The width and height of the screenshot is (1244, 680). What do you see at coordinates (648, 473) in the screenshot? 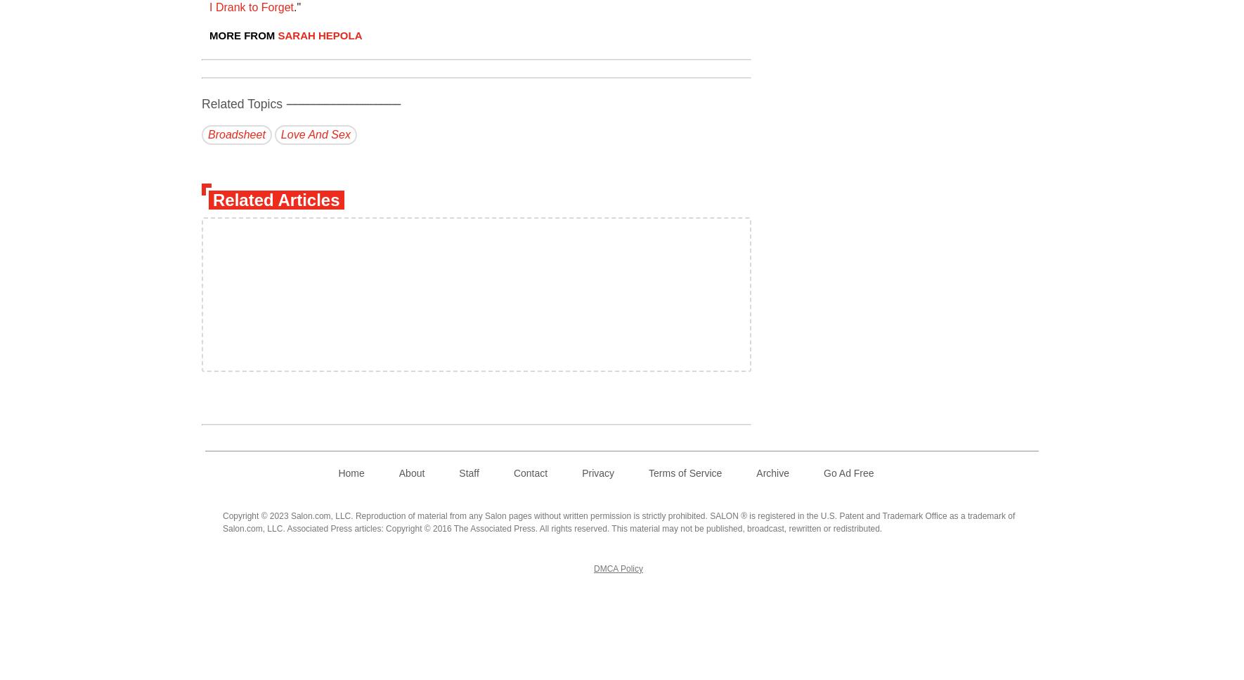
I see `'Terms of Service'` at bounding box center [648, 473].